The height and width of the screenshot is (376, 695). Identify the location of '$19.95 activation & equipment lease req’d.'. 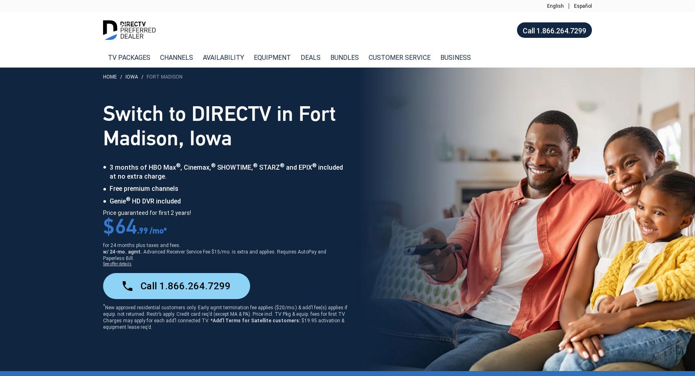
(223, 324).